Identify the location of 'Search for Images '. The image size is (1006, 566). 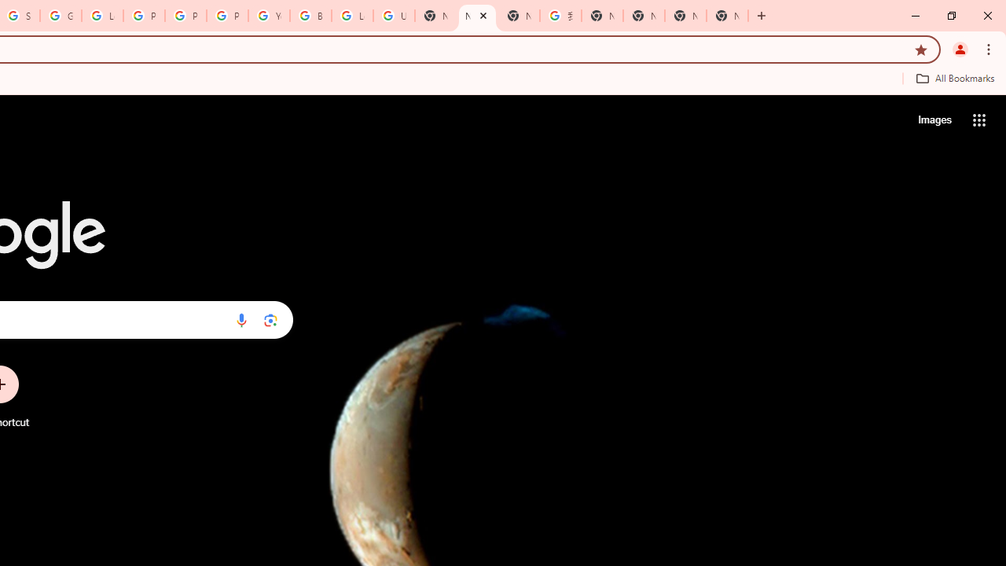
(934, 119).